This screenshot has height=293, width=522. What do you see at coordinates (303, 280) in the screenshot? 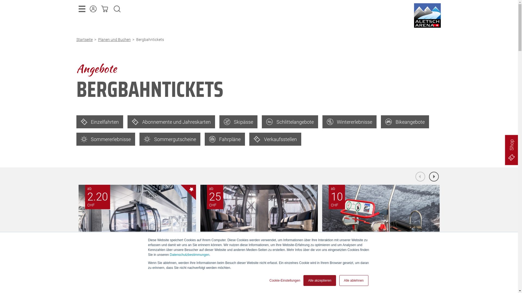
I see `'Alle akzeptieren'` at bounding box center [303, 280].